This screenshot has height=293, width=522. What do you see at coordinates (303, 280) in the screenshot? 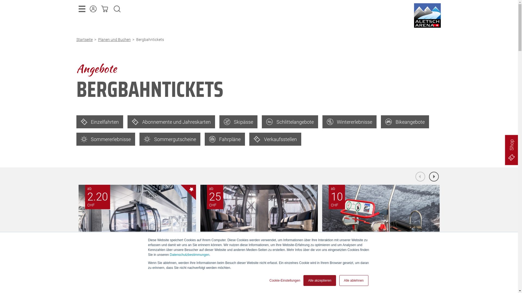
I see `'Alle akzeptieren'` at bounding box center [303, 280].